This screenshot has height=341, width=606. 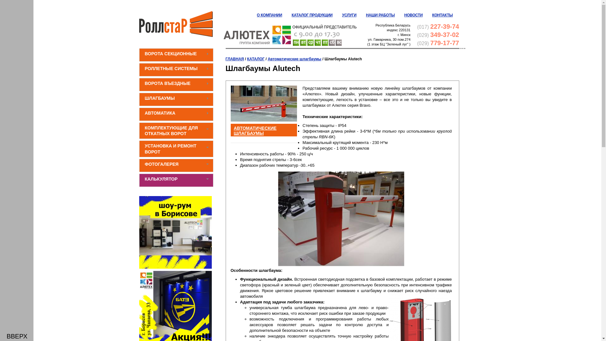 What do you see at coordinates (438, 27) in the screenshot?
I see `'(017) 227-39-74'` at bounding box center [438, 27].